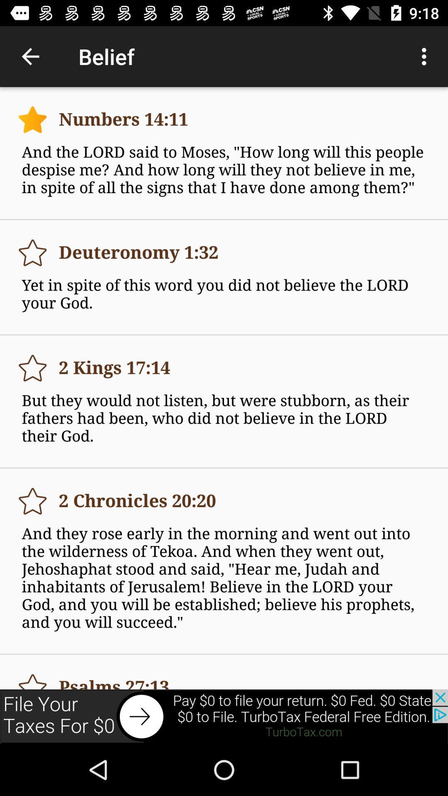 The image size is (448, 796). I want to click on to favorites, so click(32, 252).